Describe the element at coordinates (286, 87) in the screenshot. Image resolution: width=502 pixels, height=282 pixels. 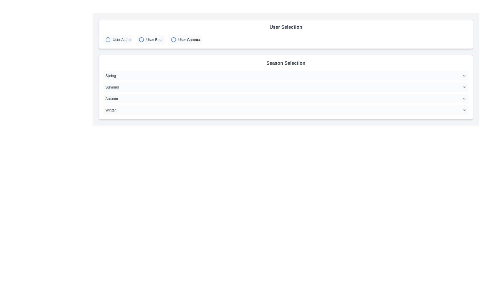
I see `the 'Summer' selectable option in the dropdown list` at that location.